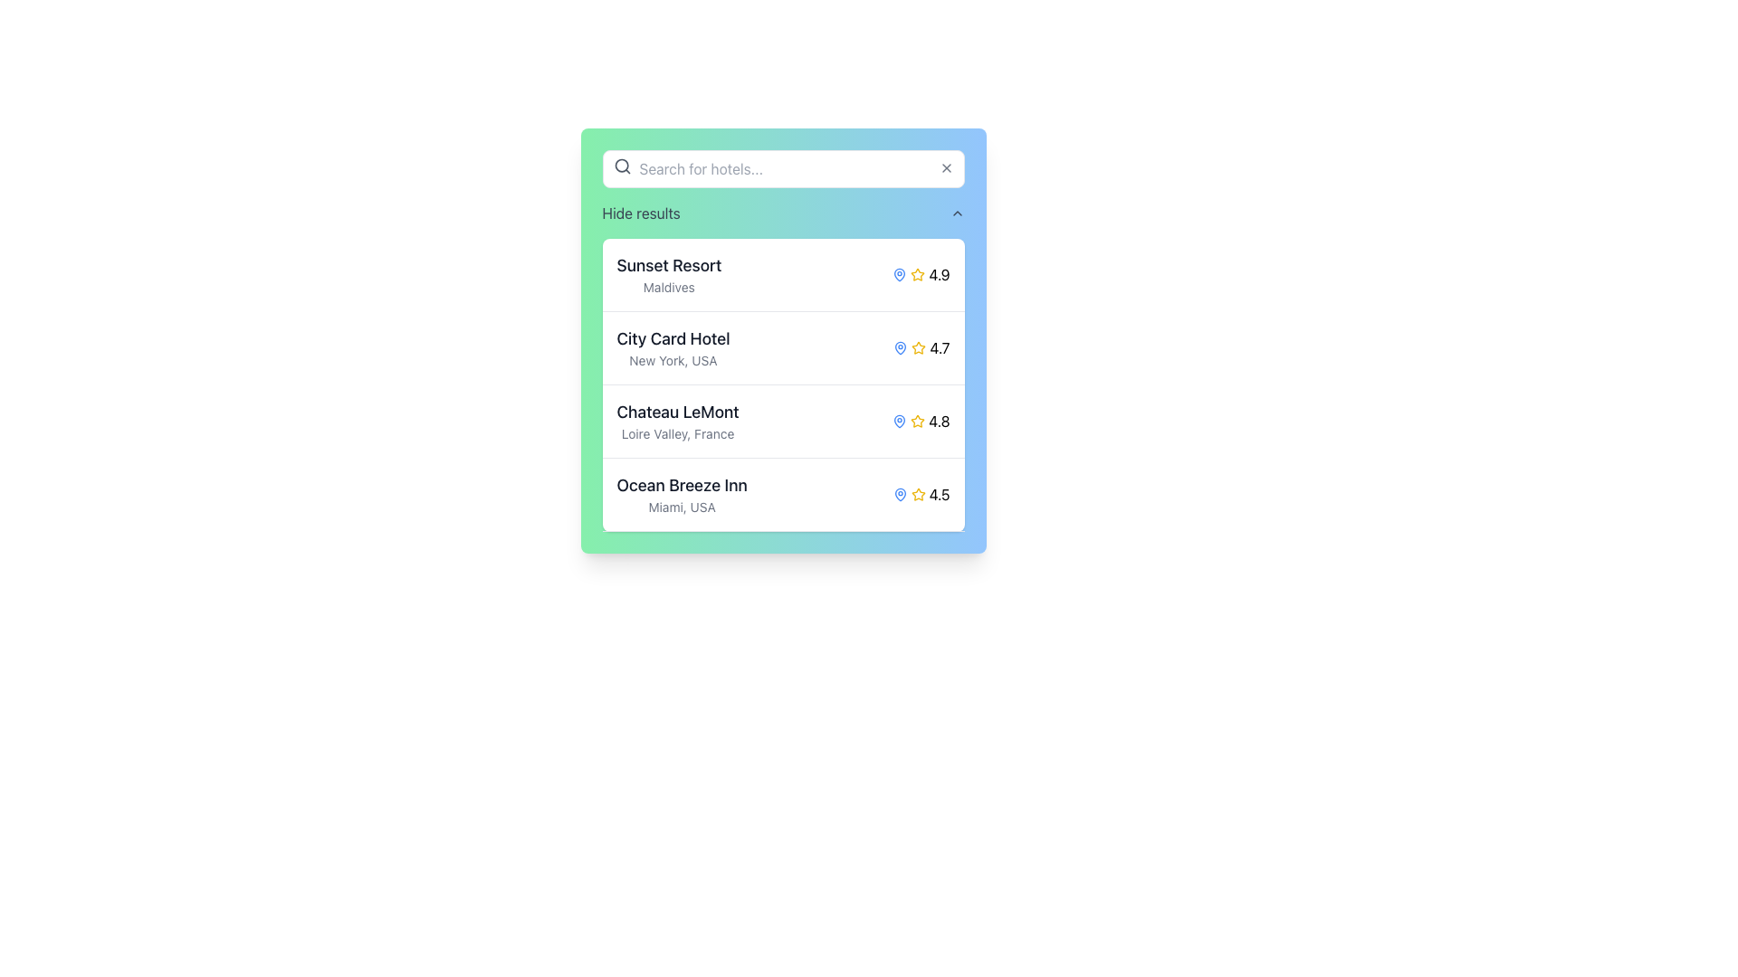  What do you see at coordinates (676, 433) in the screenshot?
I see `the static text label displaying 'Loire Valley, France' located beneath 'Chateau LeMont' in the list` at bounding box center [676, 433].